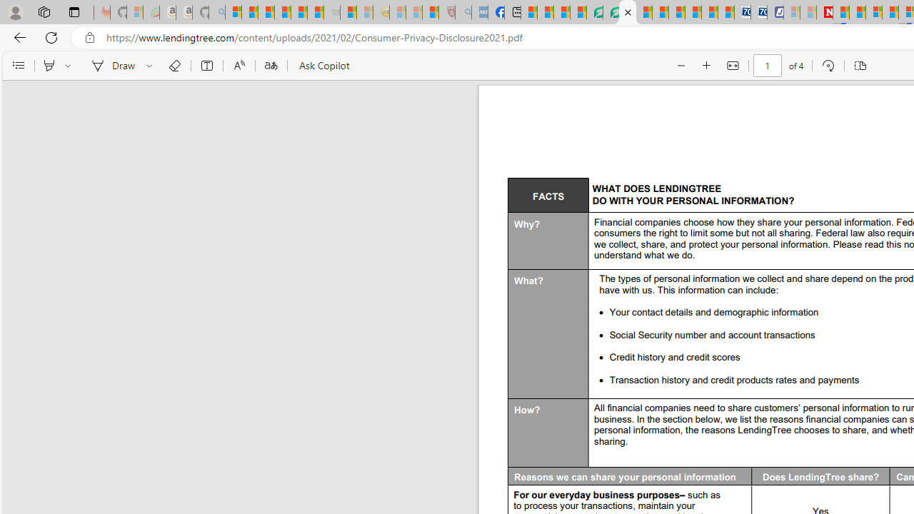 This screenshot has height=514, width=914. Describe the element at coordinates (679, 66) in the screenshot. I see `'Zoom out (Ctrl+Minus key)'` at that location.